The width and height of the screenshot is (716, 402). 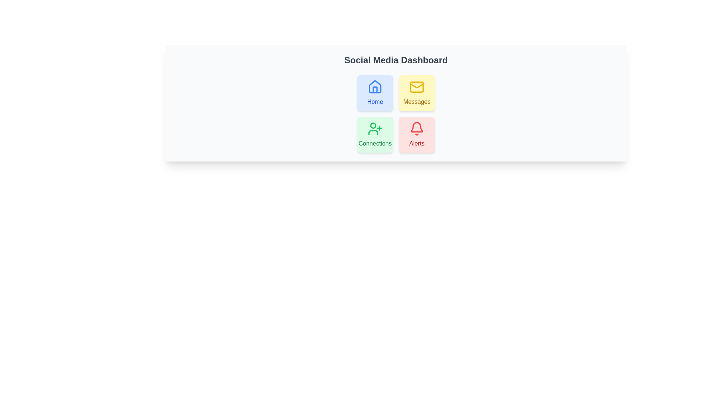 I want to click on label providing a textual description for the alert notification section located at the bottom of the red-themed tile in the 2x2 grid layout, specifically the fourth position starting from the top-left corner, so click(x=417, y=143).